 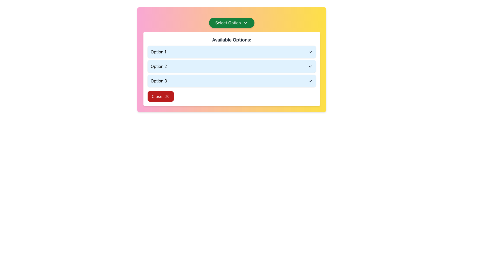 What do you see at coordinates (311, 52) in the screenshot?
I see `the active selection icon for 'Option 1' located at the right-end of the list item` at bounding box center [311, 52].